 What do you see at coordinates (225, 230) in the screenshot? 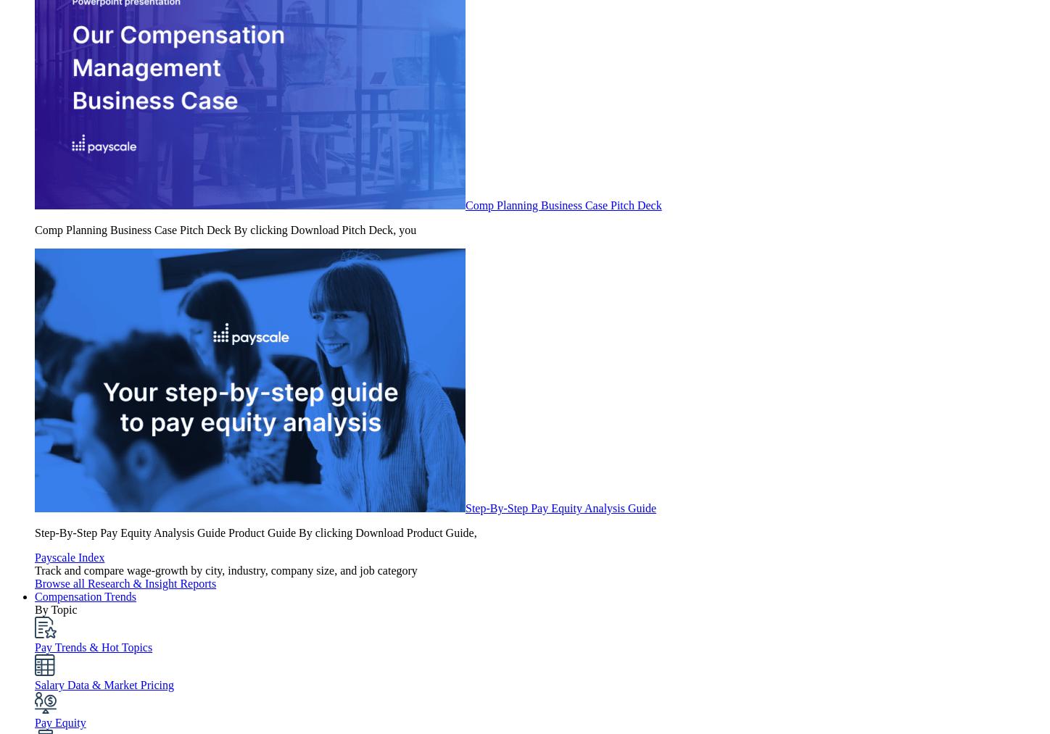
I see `'Comp Planning Business Case Pitch Deck By clicking Download Pitch Deck, you'` at bounding box center [225, 230].